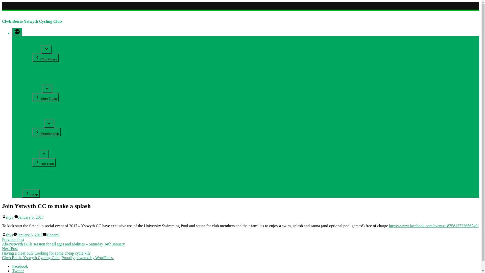 The width and height of the screenshot is (485, 273). Describe the element at coordinates (42, 169) in the screenshot. I see `'Committee'` at that location.